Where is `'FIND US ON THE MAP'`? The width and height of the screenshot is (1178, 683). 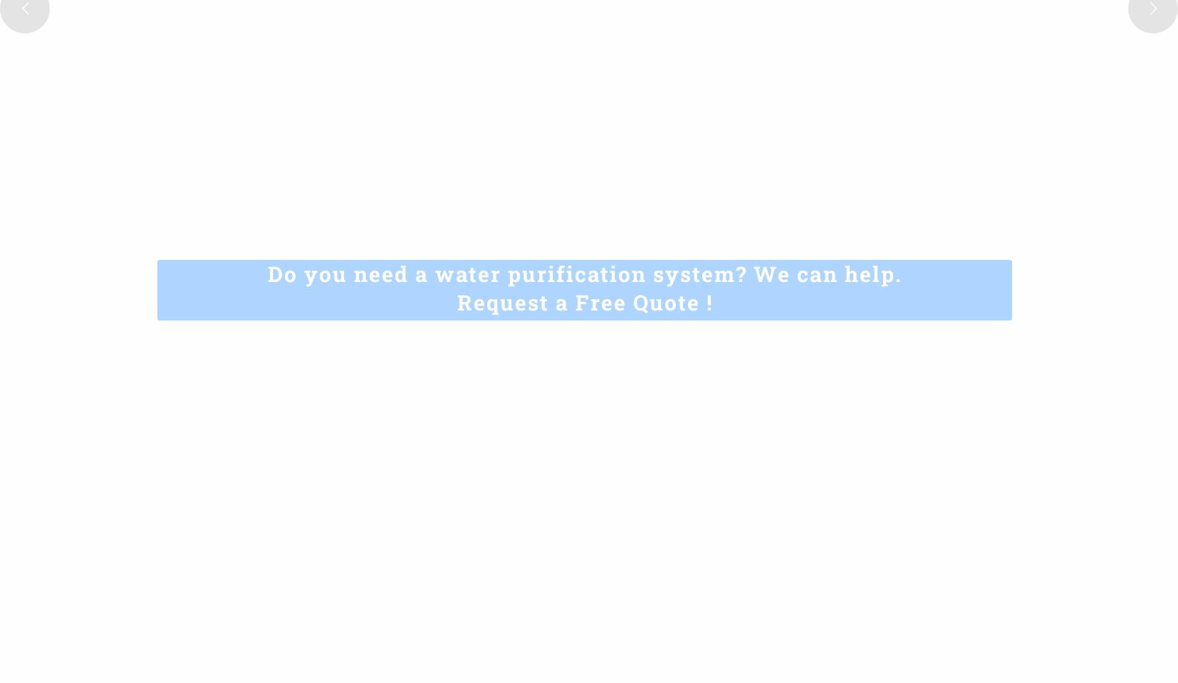 'FIND US ON THE MAP' is located at coordinates (944, 452).